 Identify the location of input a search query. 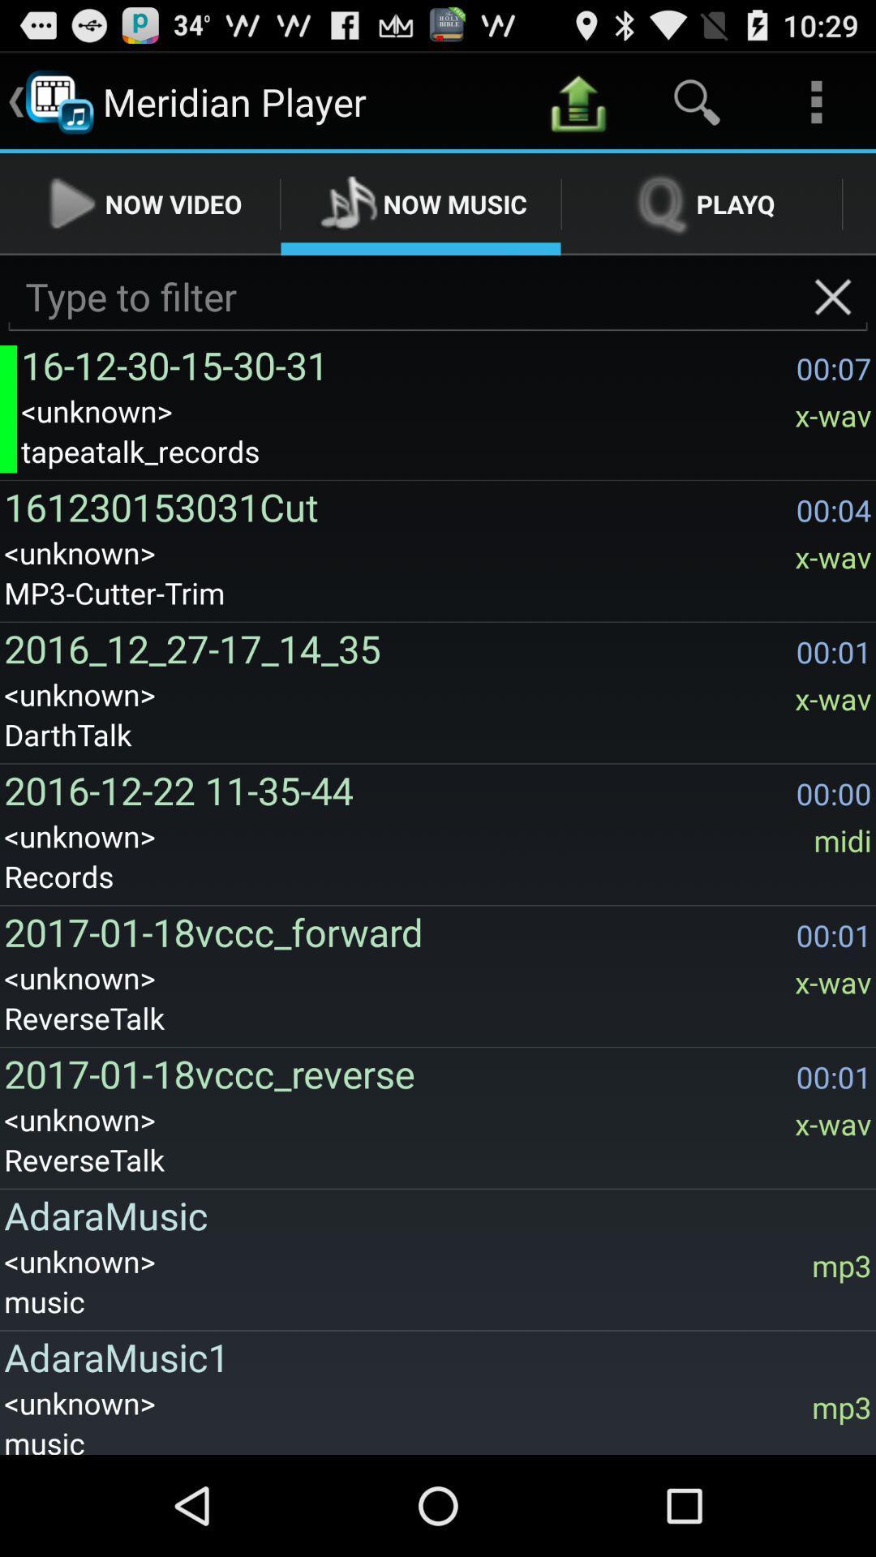
(438, 297).